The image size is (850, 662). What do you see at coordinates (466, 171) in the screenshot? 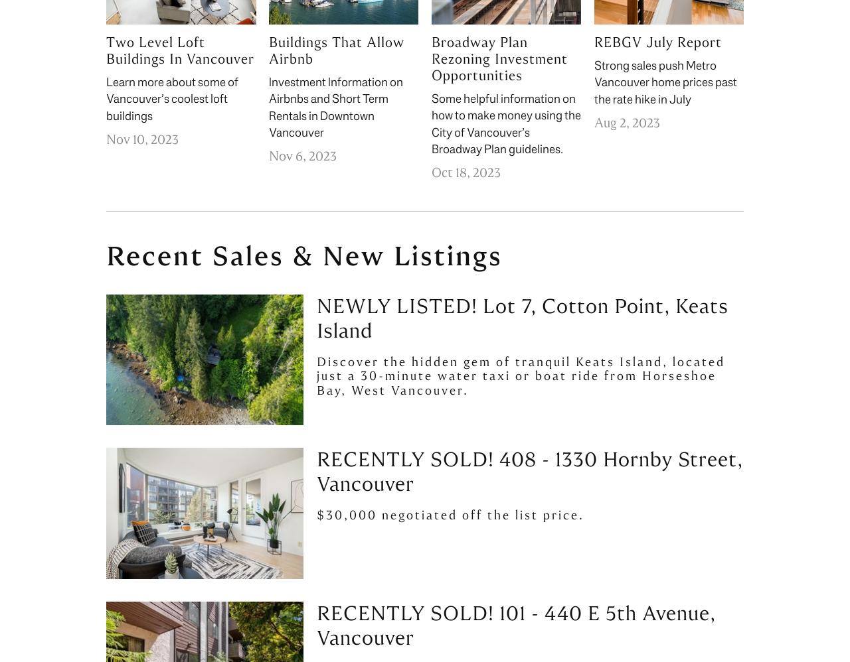
I see `'Oct 18, 2023'` at bounding box center [466, 171].